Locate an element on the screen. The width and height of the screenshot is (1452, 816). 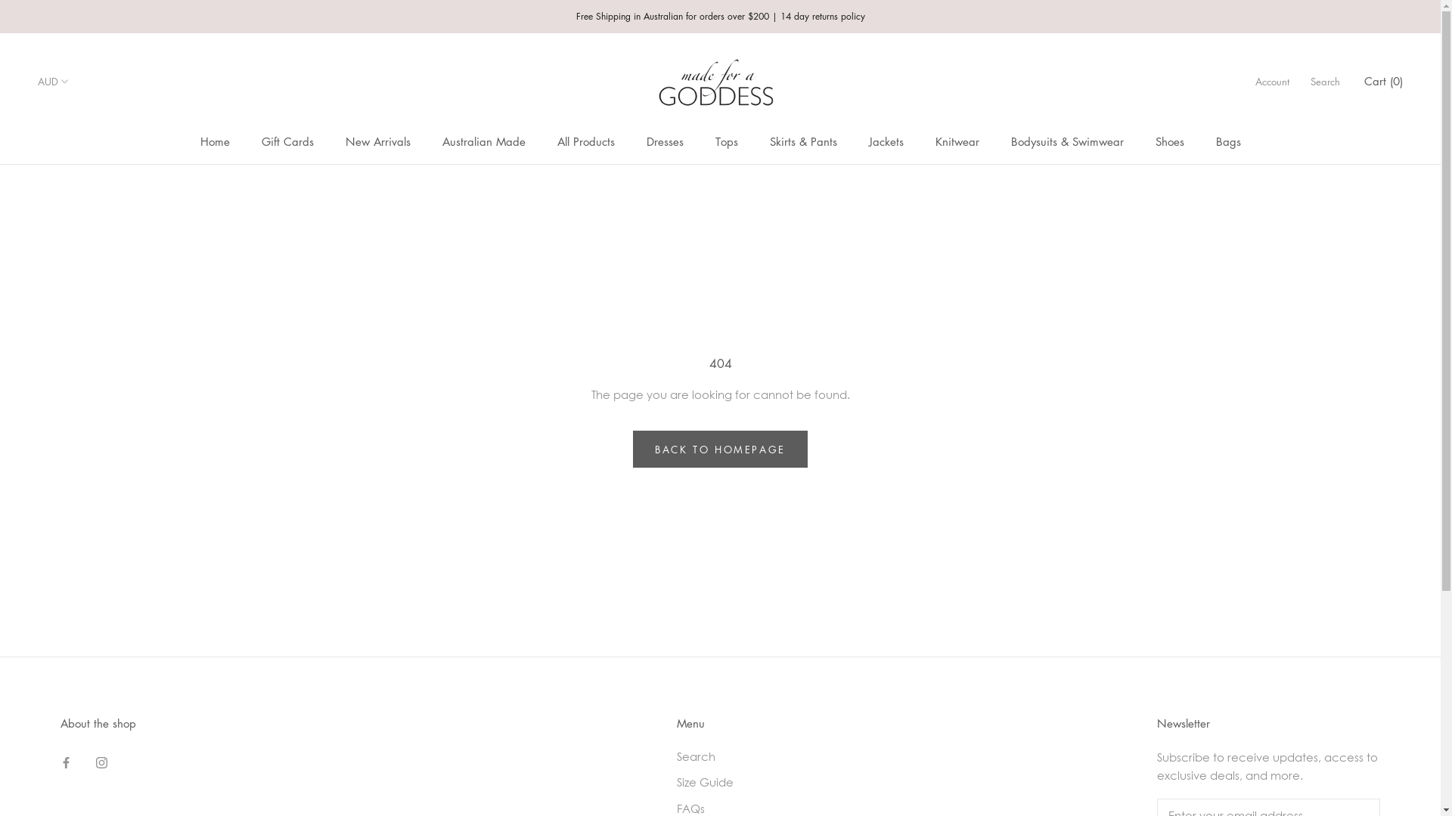
'Bodysuits & Swimwear is located at coordinates (1066, 141).